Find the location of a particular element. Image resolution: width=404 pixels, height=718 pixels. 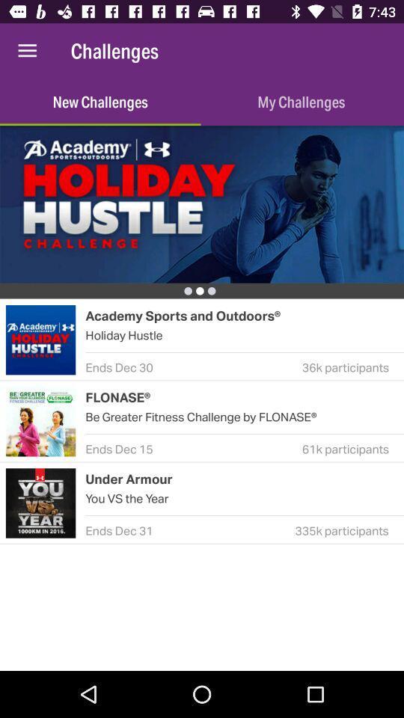

see article is located at coordinates (202, 203).